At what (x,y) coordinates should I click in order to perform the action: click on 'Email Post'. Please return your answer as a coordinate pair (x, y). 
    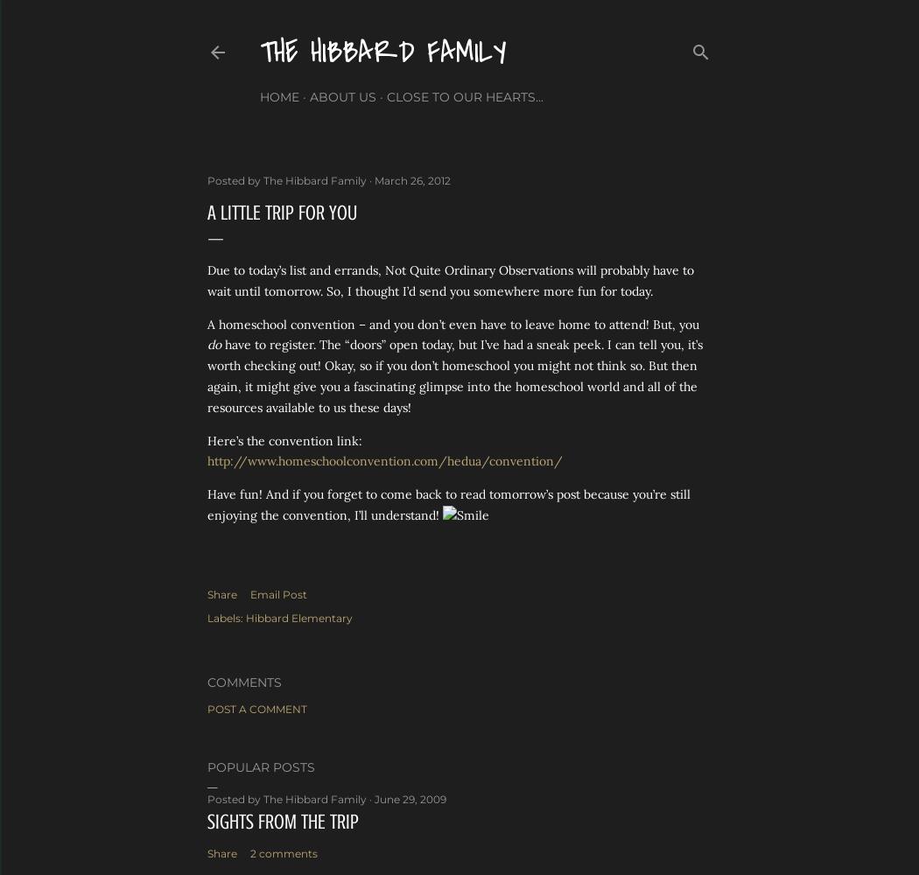
    Looking at the image, I should click on (278, 593).